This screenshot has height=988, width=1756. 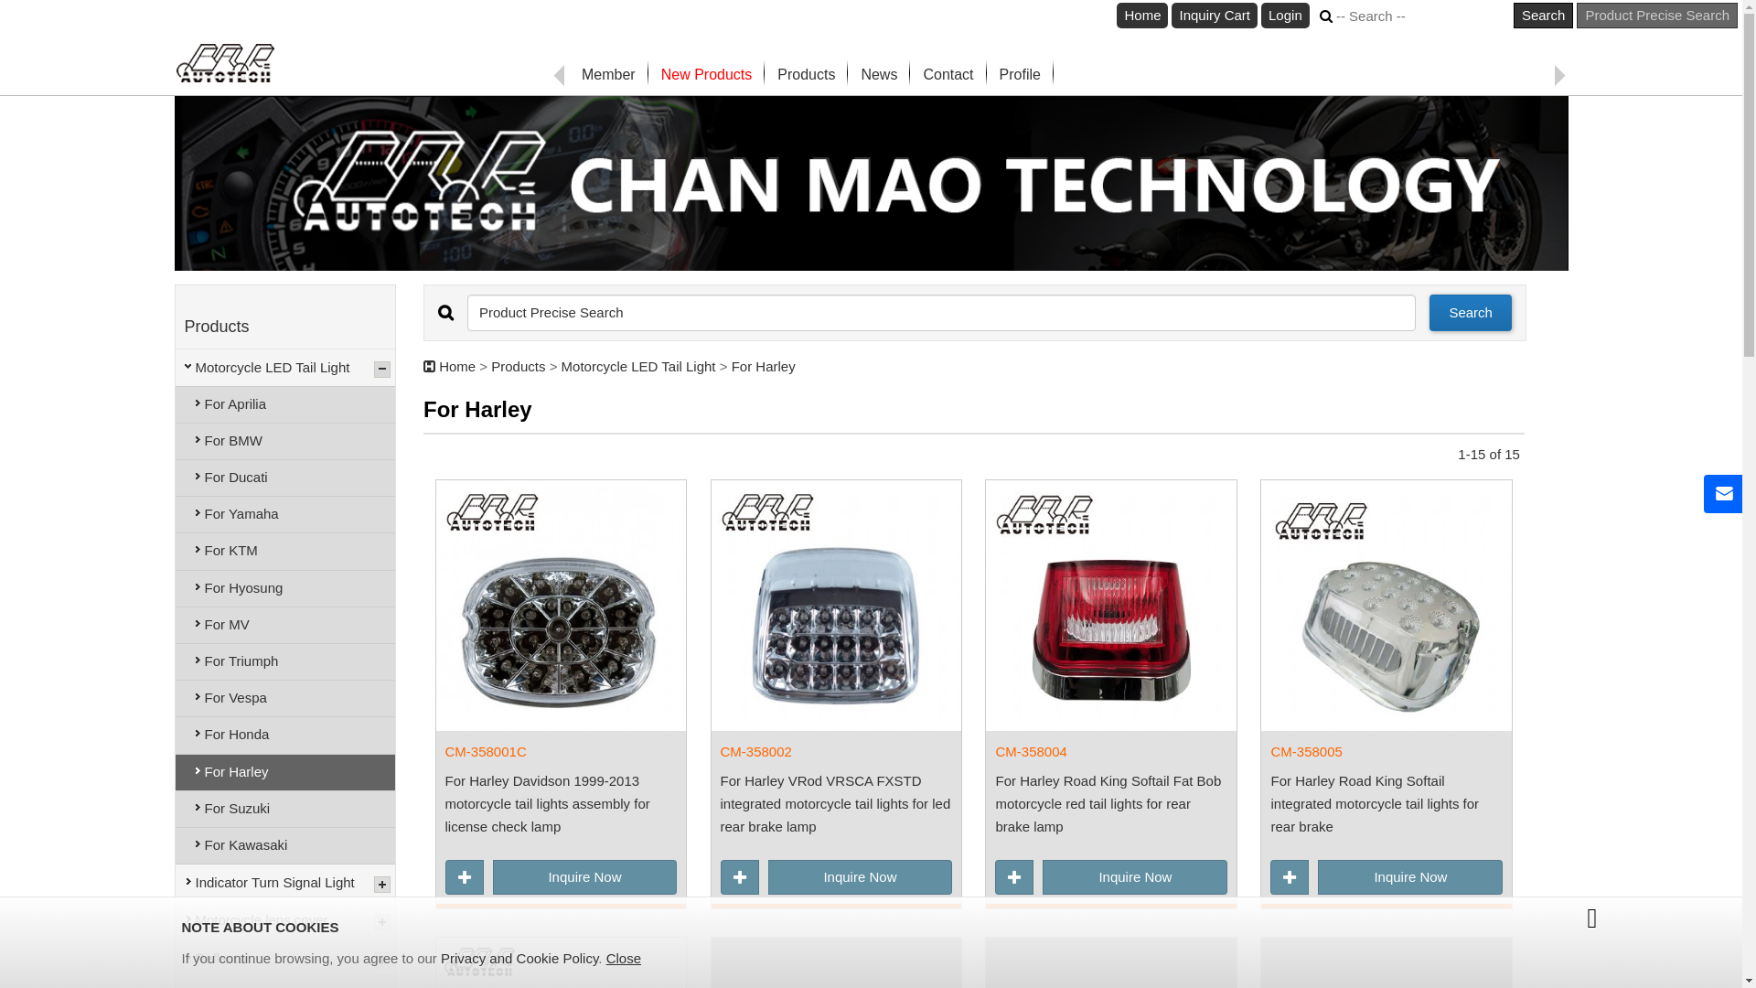 I want to click on 'Product Precise Search', so click(x=1657, y=15).